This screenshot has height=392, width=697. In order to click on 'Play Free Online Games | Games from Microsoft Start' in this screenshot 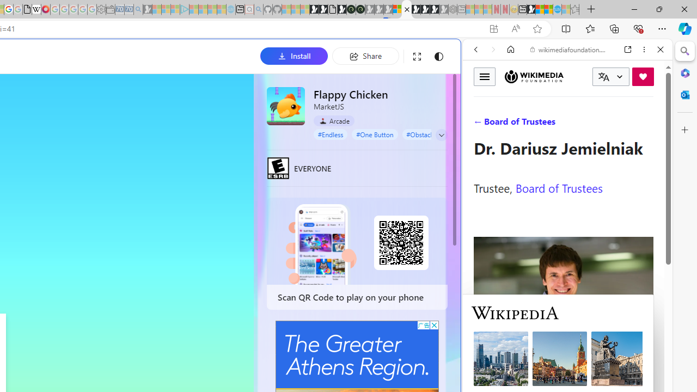, I will do `click(415, 9)`.